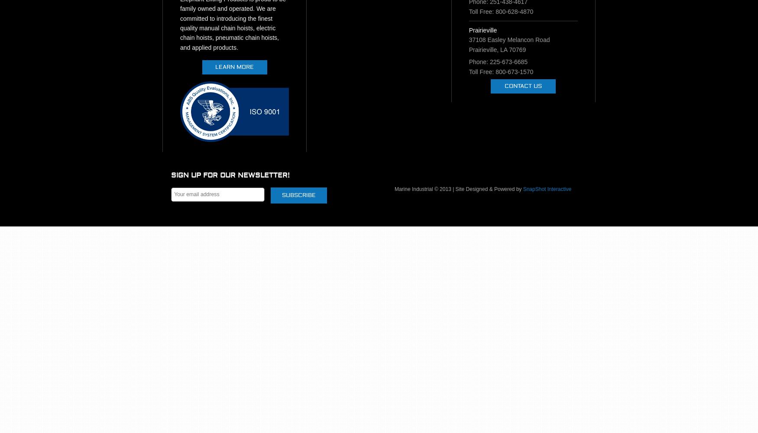 Image resolution: width=758 pixels, height=433 pixels. Describe the element at coordinates (469, 29) in the screenshot. I see `'Prairieville'` at that location.